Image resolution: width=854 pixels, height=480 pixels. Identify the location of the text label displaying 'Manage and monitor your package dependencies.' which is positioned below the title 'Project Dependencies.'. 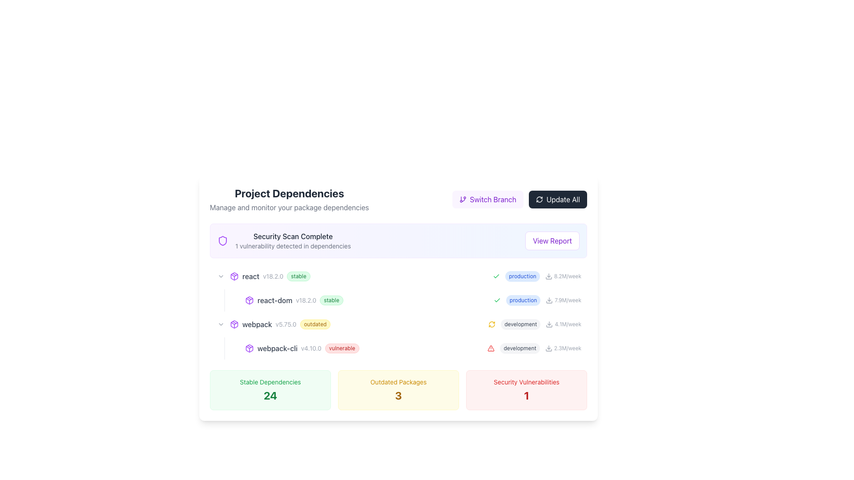
(289, 207).